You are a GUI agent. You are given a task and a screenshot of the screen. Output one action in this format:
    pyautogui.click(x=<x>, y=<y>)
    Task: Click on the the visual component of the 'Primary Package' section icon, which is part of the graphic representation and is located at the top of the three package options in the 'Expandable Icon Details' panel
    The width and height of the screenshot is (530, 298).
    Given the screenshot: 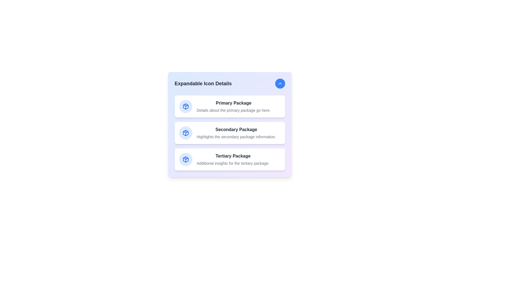 What is the action you would take?
    pyautogui.click(x=185, y=106)
    